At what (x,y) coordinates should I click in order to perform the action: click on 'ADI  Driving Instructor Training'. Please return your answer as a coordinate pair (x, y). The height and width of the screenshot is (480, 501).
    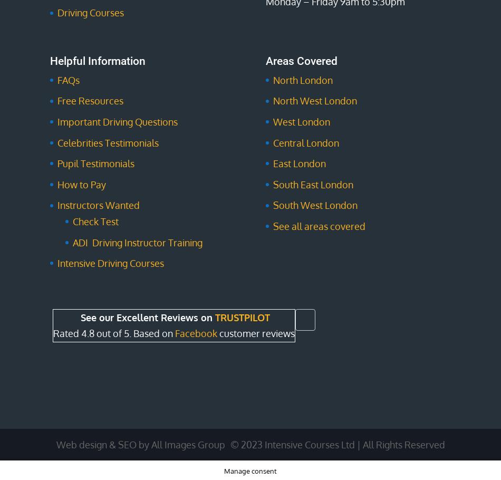
    Looking at the image, I should click on (137, 242).